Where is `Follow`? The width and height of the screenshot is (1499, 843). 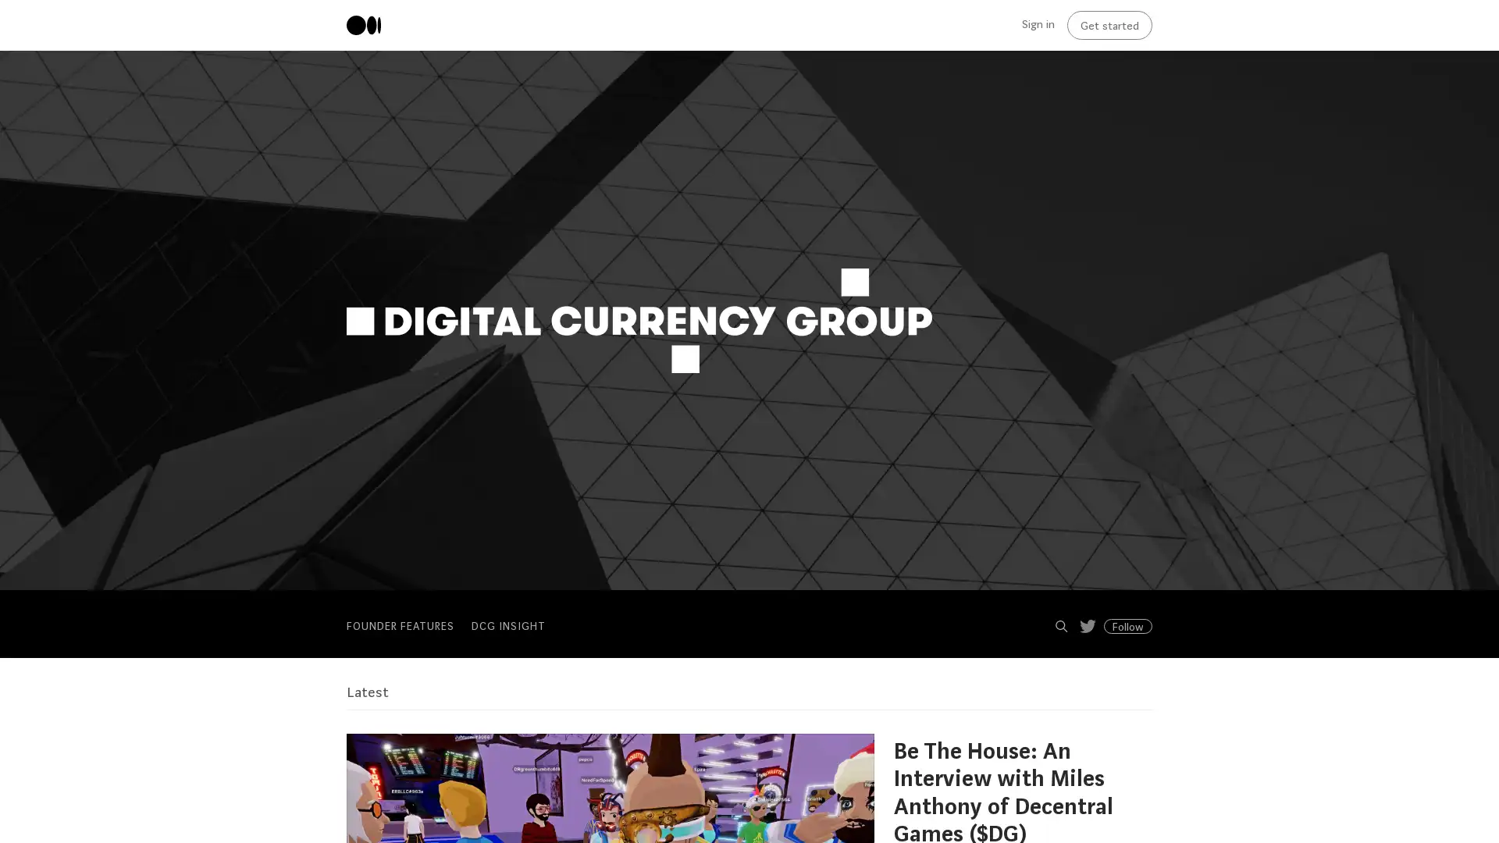 Follow is located at coordinates (1127, 625).